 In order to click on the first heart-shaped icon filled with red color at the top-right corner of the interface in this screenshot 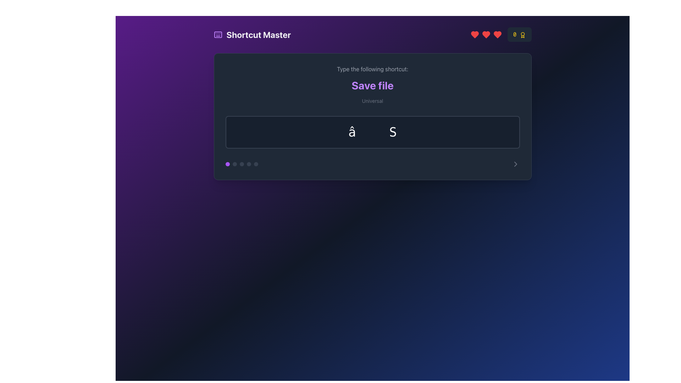, I will do `click(475, 34)`.